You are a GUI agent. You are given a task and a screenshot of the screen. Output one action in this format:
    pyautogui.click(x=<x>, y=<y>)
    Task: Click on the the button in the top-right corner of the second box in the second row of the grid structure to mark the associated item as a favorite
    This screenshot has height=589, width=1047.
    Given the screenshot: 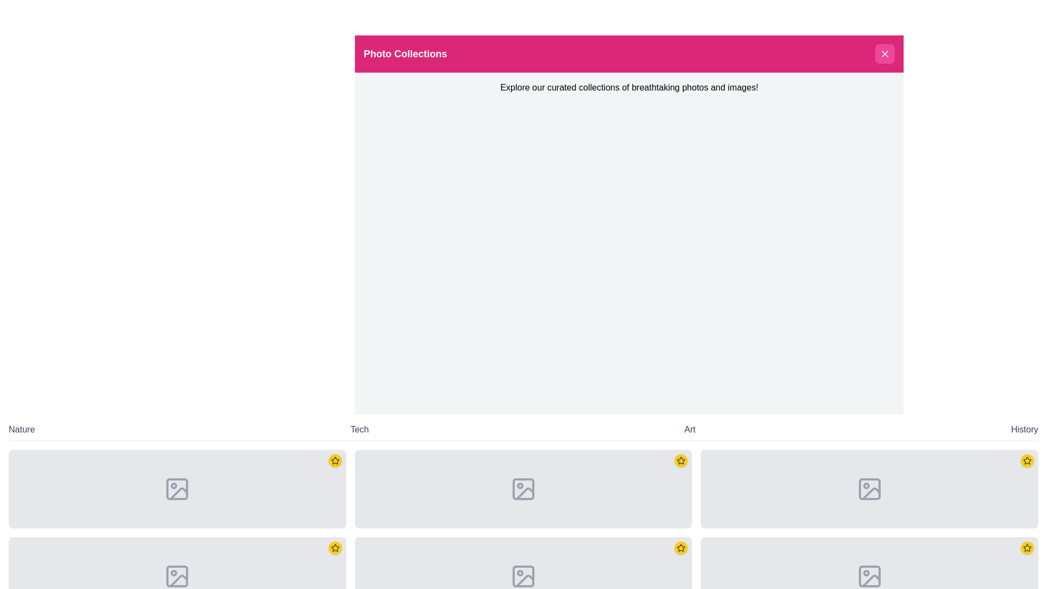 What is the action you would take?
    pyautogui.click(x=334, y=548)
    